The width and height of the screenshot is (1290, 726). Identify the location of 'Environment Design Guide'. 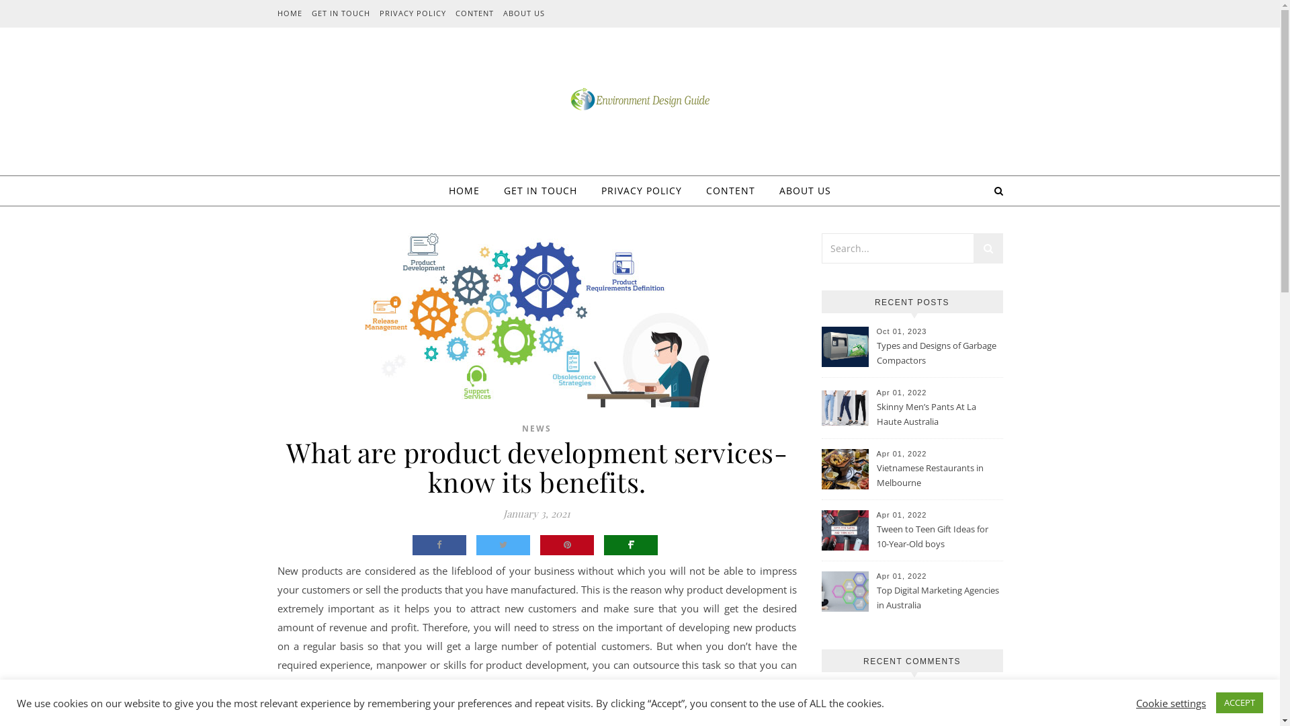
(639, 98).